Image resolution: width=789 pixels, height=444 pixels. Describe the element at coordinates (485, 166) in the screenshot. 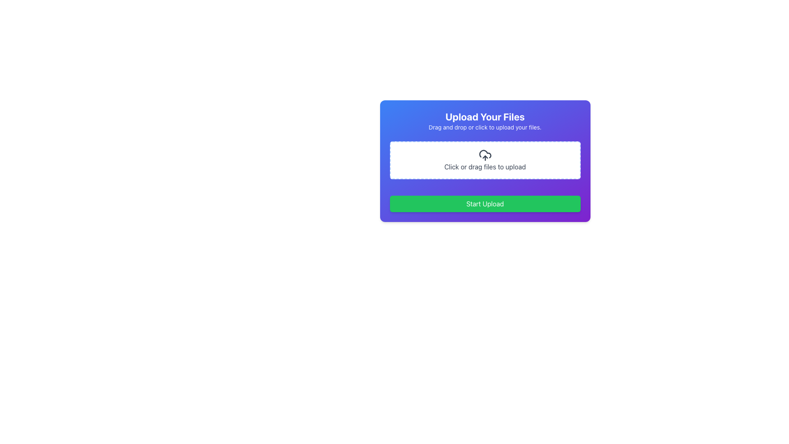

I see `instructional text label located within the bordered file upload box, positioned below the upload icon and above the 'Start Upload' button` at that location.